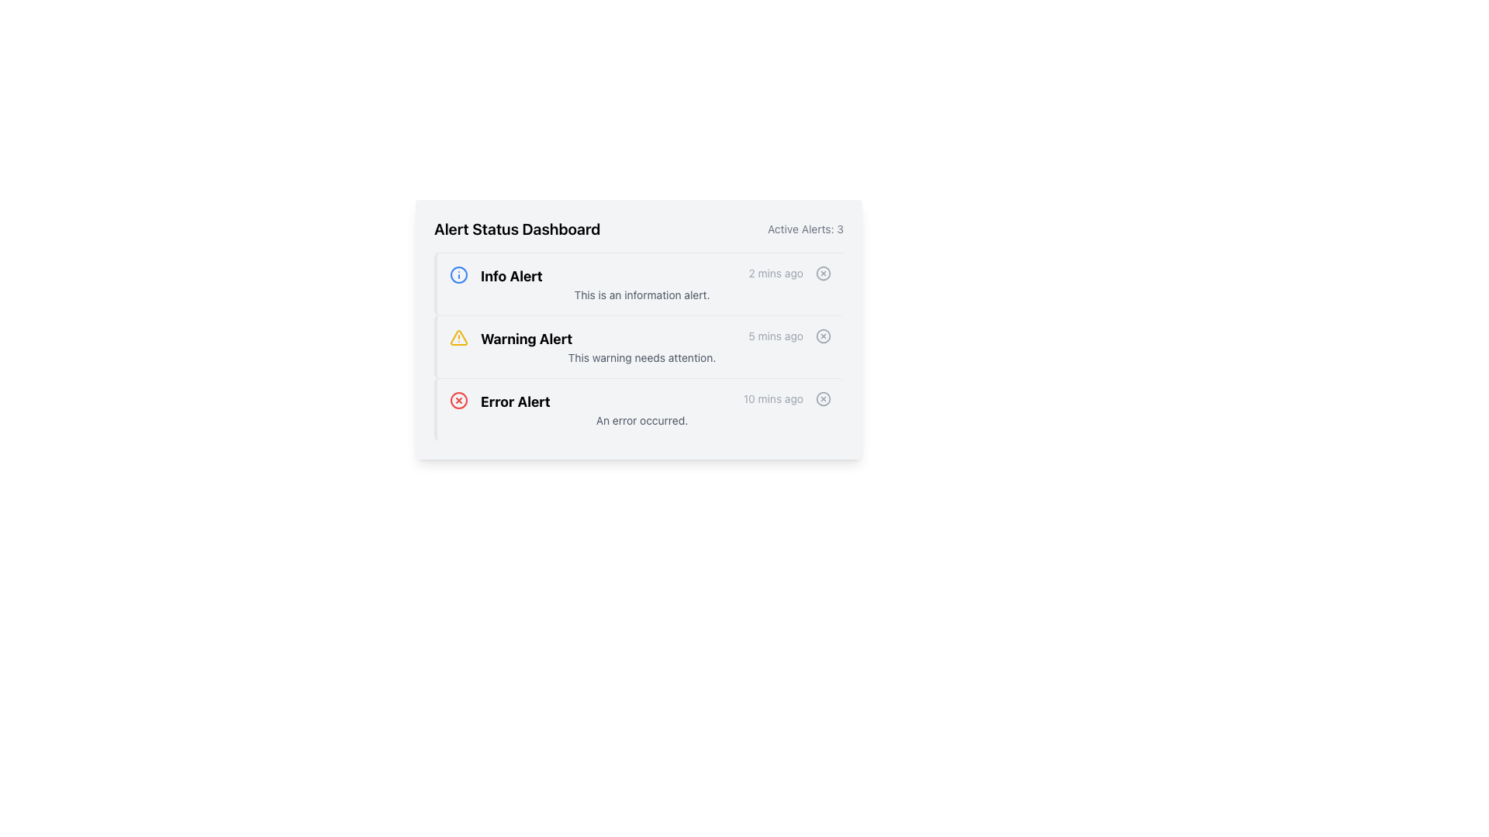 This screenshot has height=837, width=1489. Describe the element at coordinates (642, 408) in the screenshot. I see `textual information from the alert message in the third notification group of the 'Alert Status Dashboard' interface, which provides details about an error that occurred` at that location.